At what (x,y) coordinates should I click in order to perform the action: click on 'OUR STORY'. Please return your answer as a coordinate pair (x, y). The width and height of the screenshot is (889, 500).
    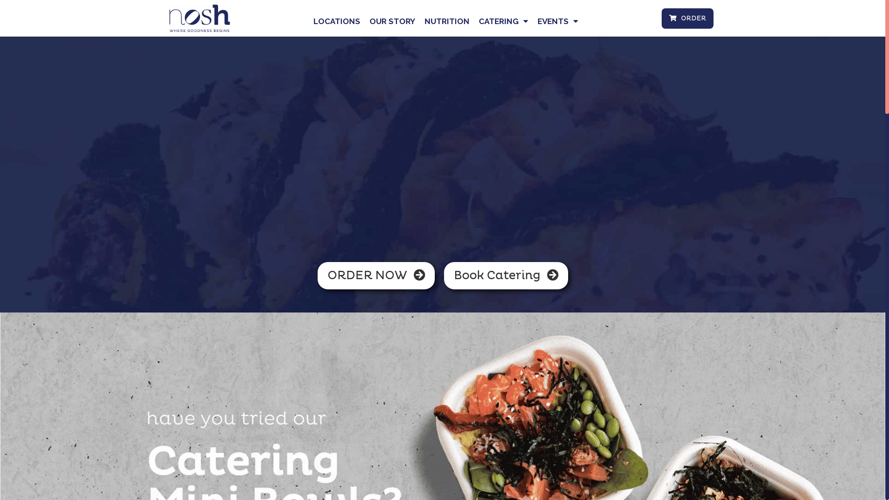
    Looking at the image, I should click on (364, 21).